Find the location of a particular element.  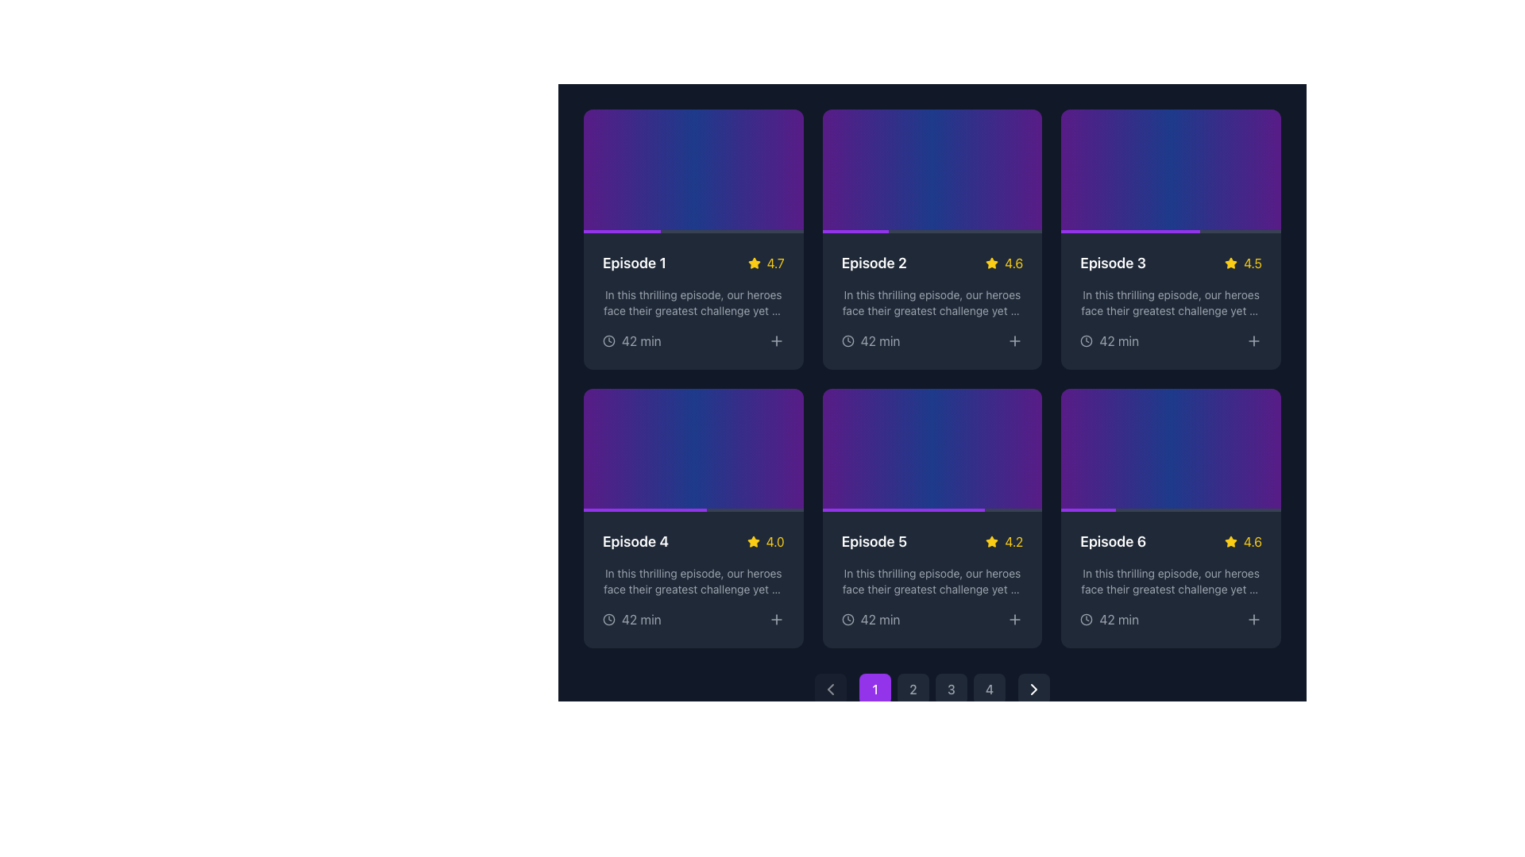

the second pagination button located at the bottom of the layout is located at coordinates (913, 688).